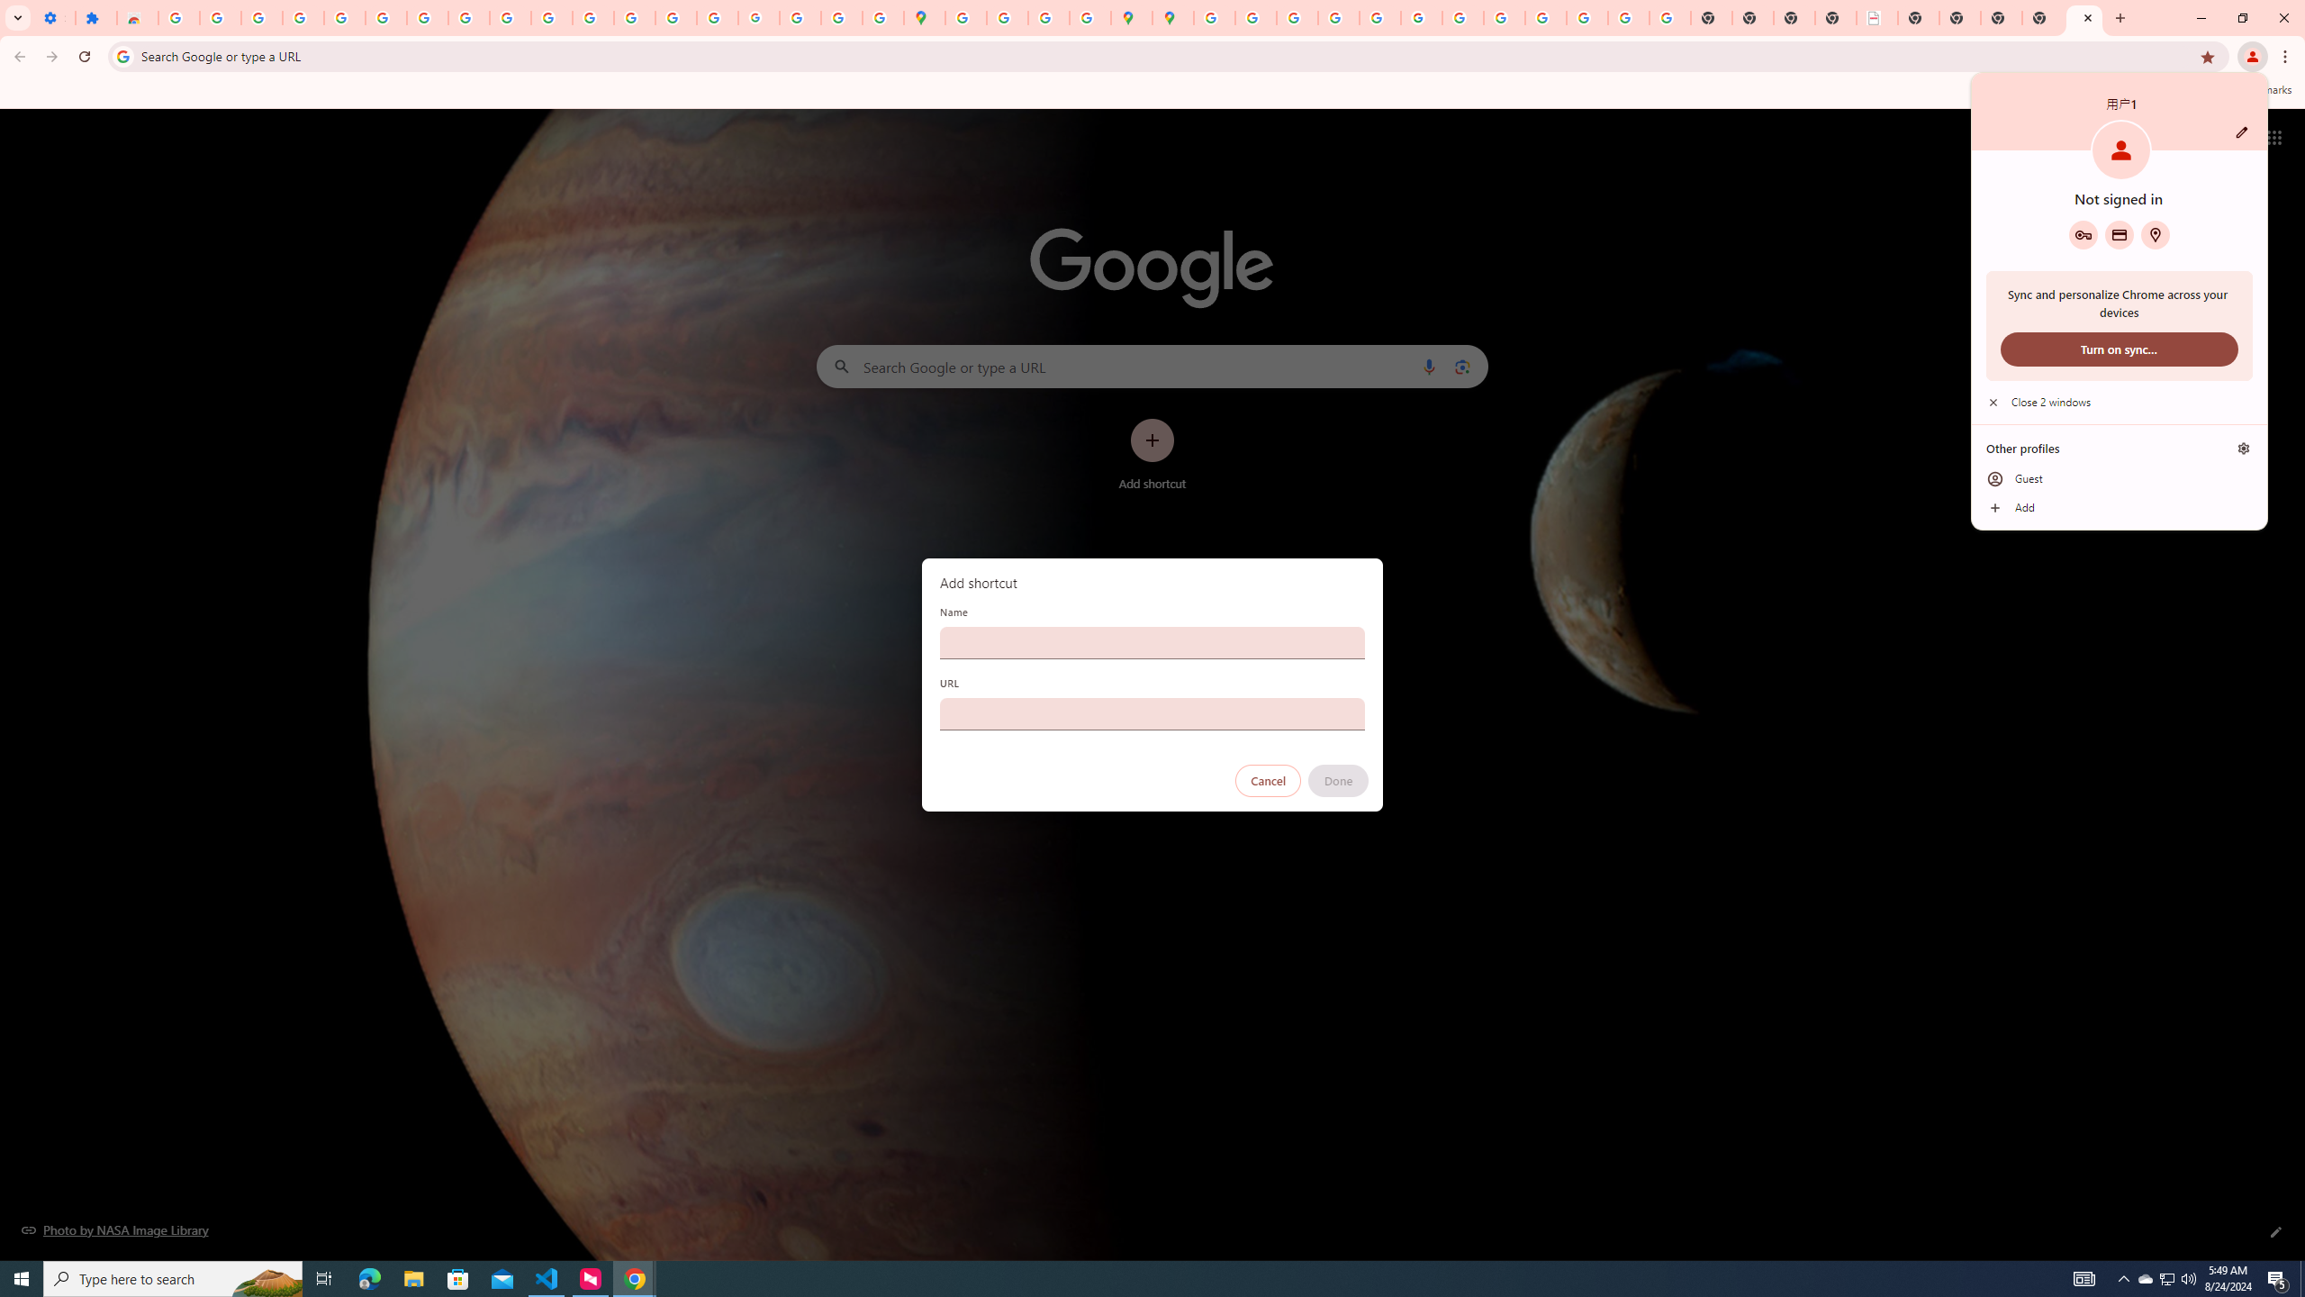 The height and width of the screenshot is (1297, 2305). I want to click on 'Google Maps', so click(925, 17).